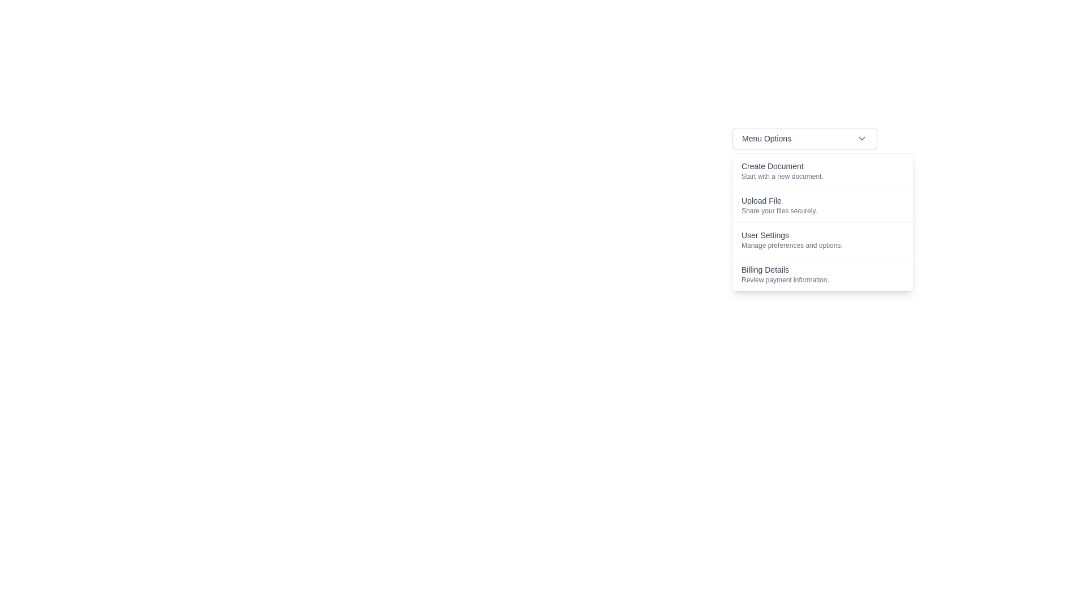 The width and height of the screenshot is (1086, 611). I want to click on the chevron icon that acts as a dropdown indicator next to the 'Menu Options' button, so click(861, 138).